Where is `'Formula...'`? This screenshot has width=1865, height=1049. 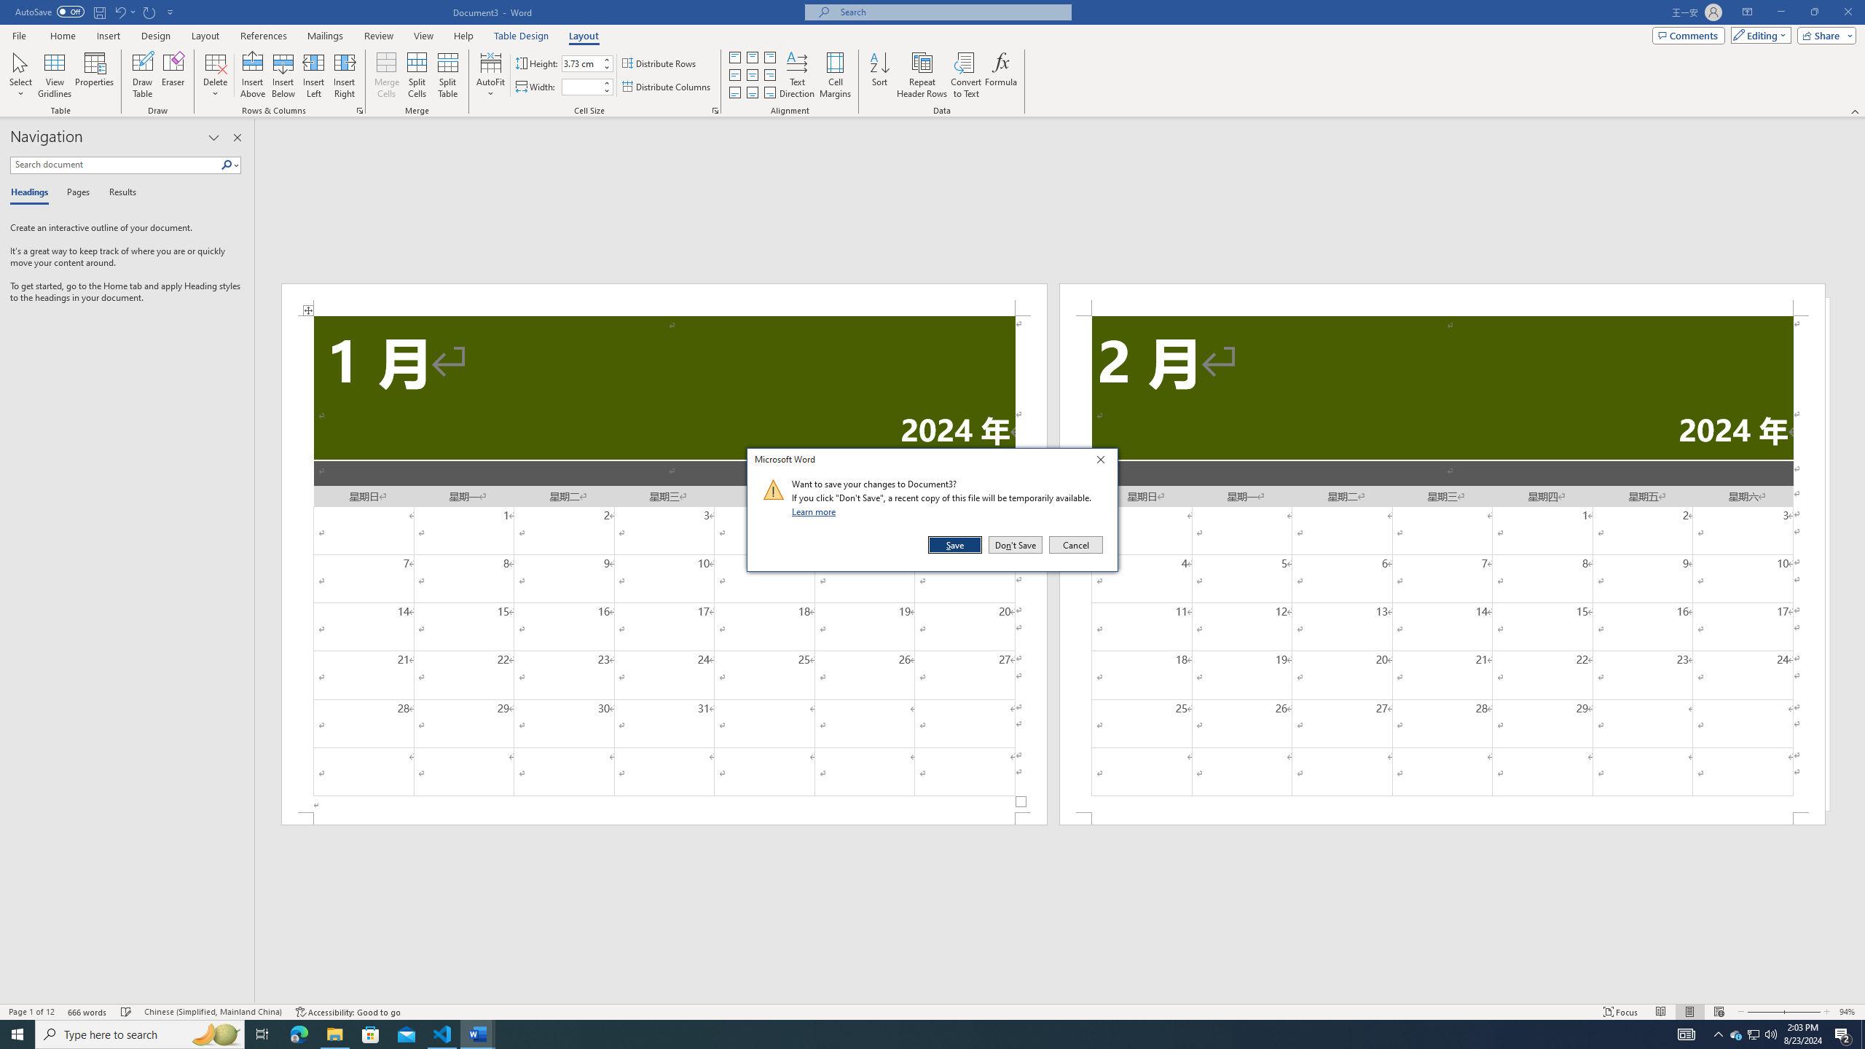 'Formula...' is located at coordinates (1000, 75).